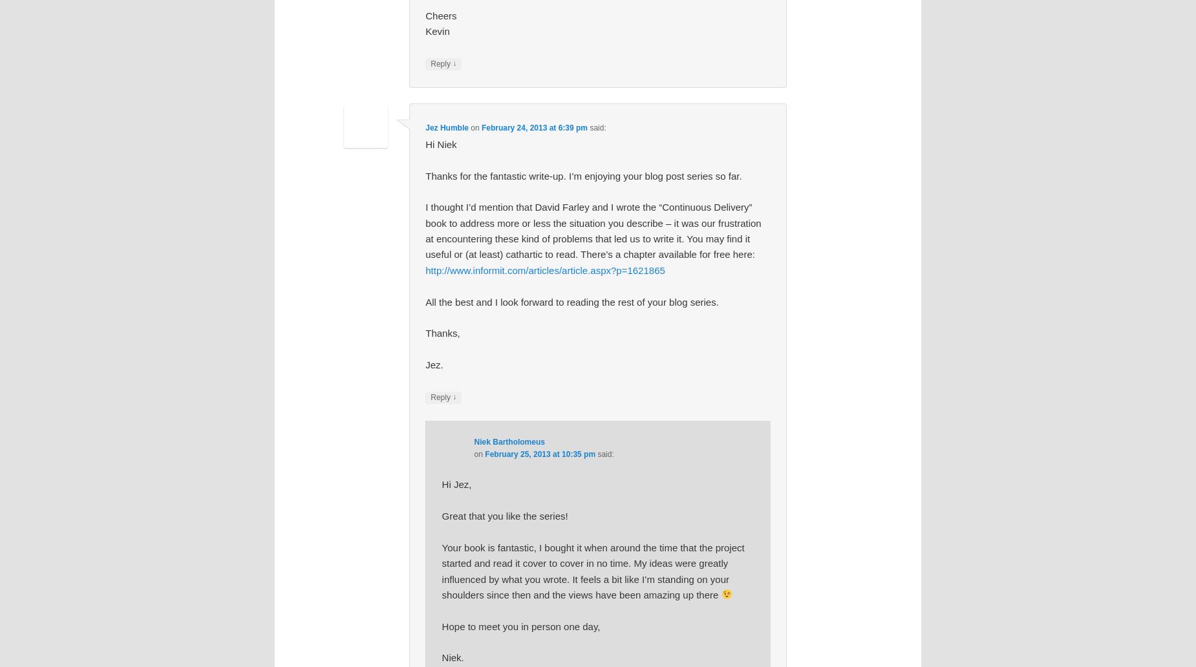 This screenshot has width=1196, height=667. I want to click on 'Hope to meet you in person one day,', so click(520, 625).